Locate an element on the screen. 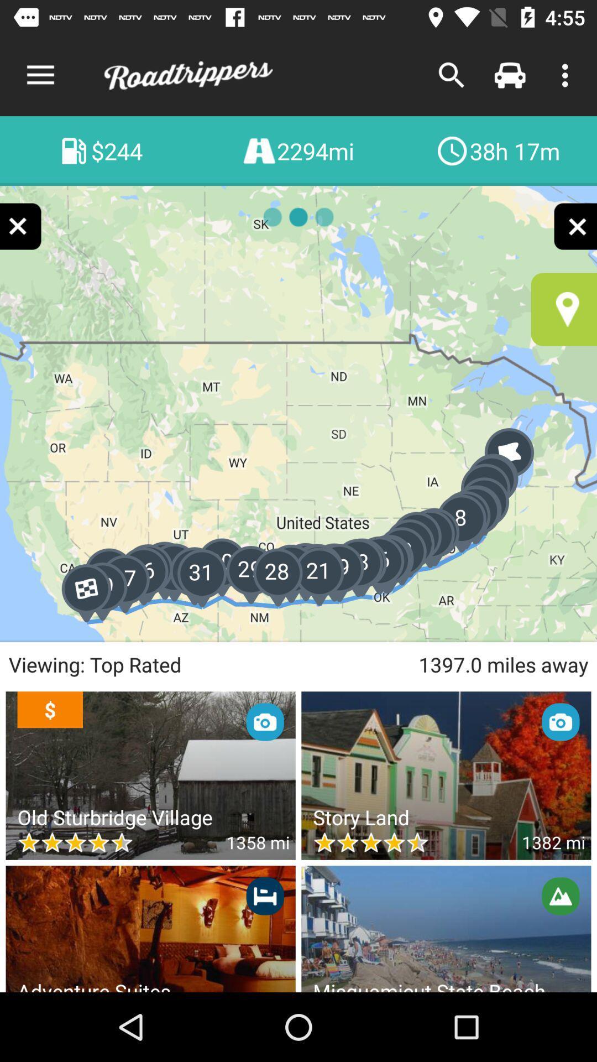  the location icon is located at coordinates (564, 309).